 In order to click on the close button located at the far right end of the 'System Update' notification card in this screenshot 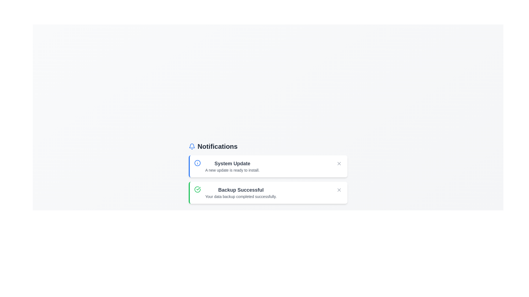, I will do `click(339, 163)`.